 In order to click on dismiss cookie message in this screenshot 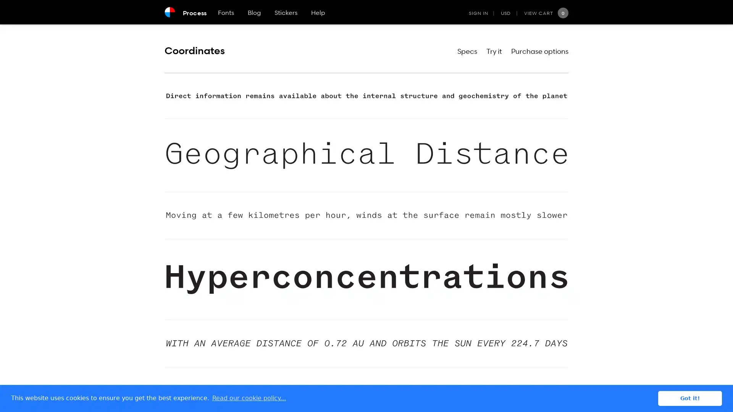, I will do `click(690, 398)`.